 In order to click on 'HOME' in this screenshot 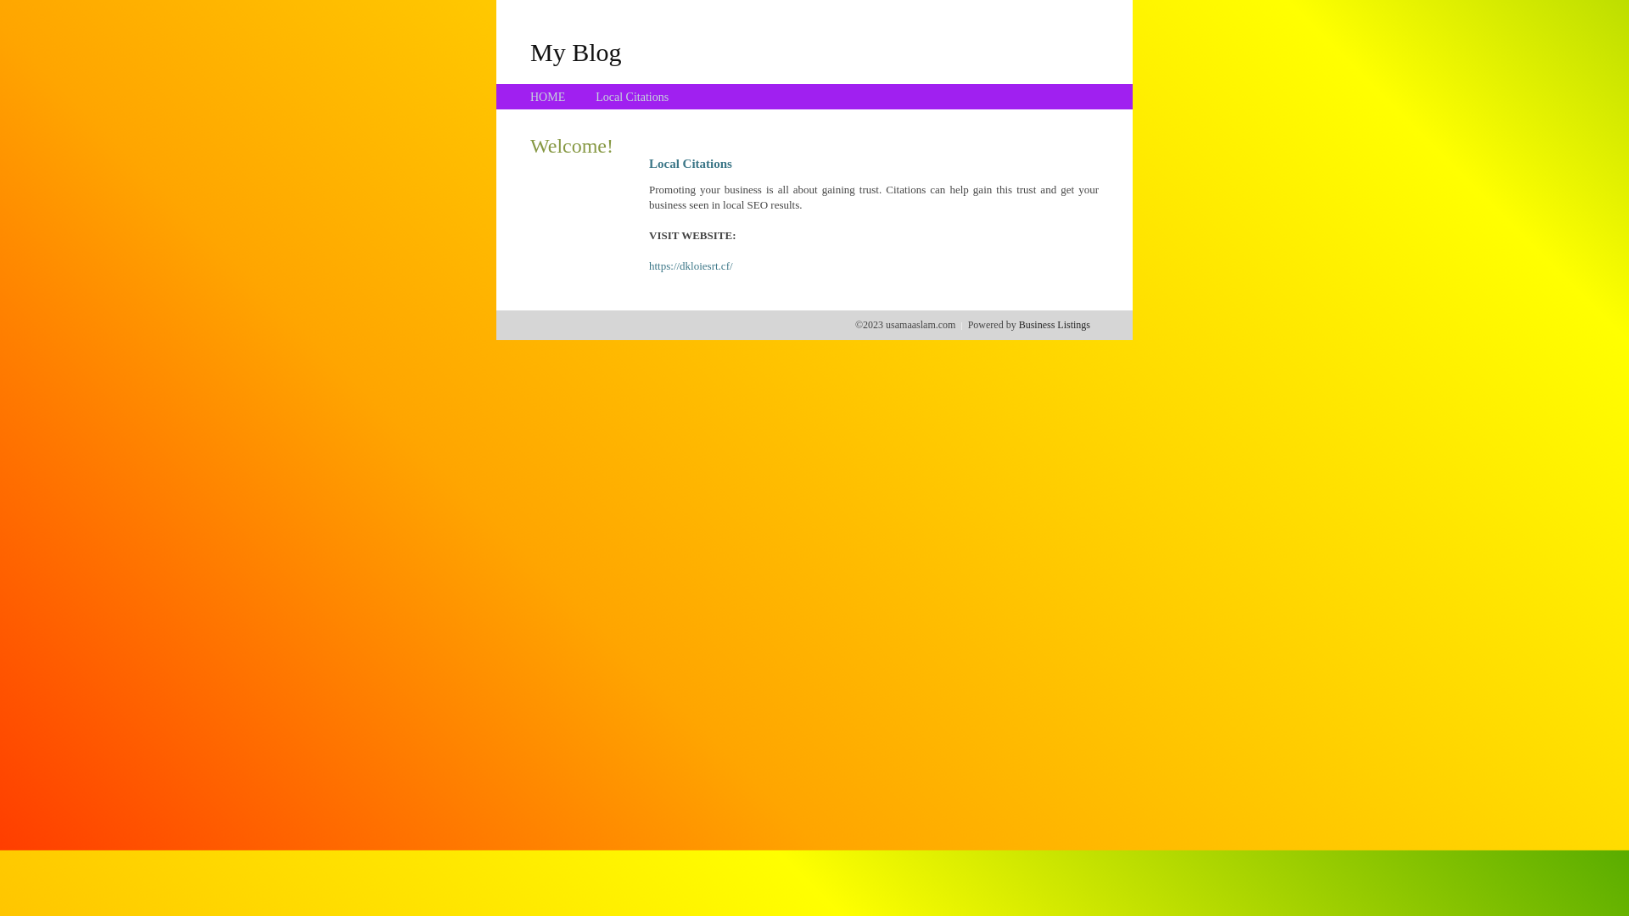, I will do `click(547, 97)`.